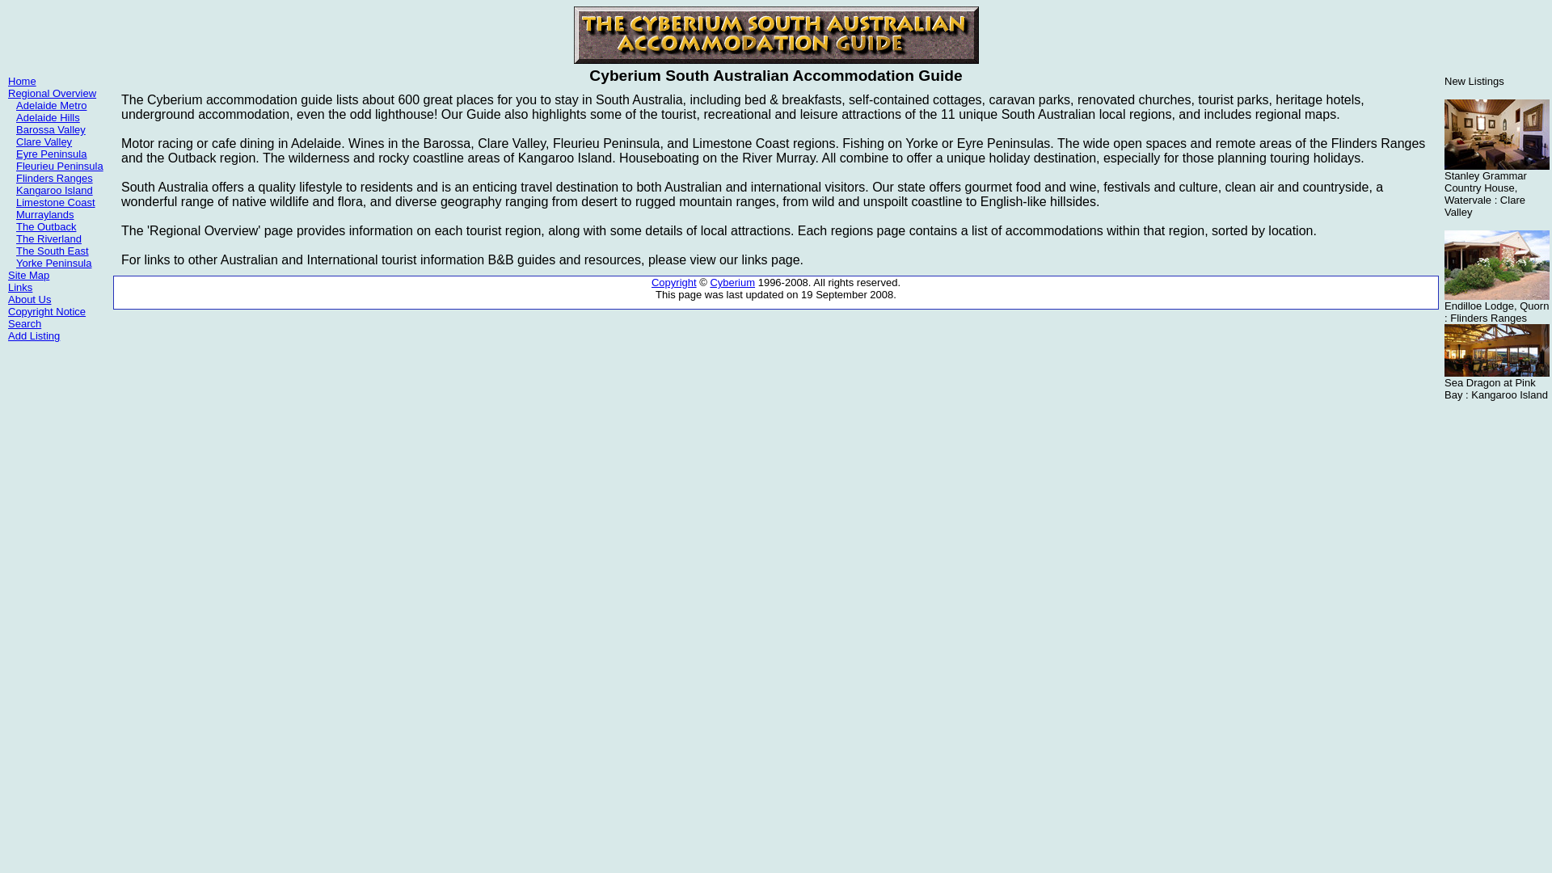 This screenshot has width=1552, height=873. Describe the element at coordinates (59, 166) in the screenshot. I see `'Fleurieu Peninsula'` at that location.